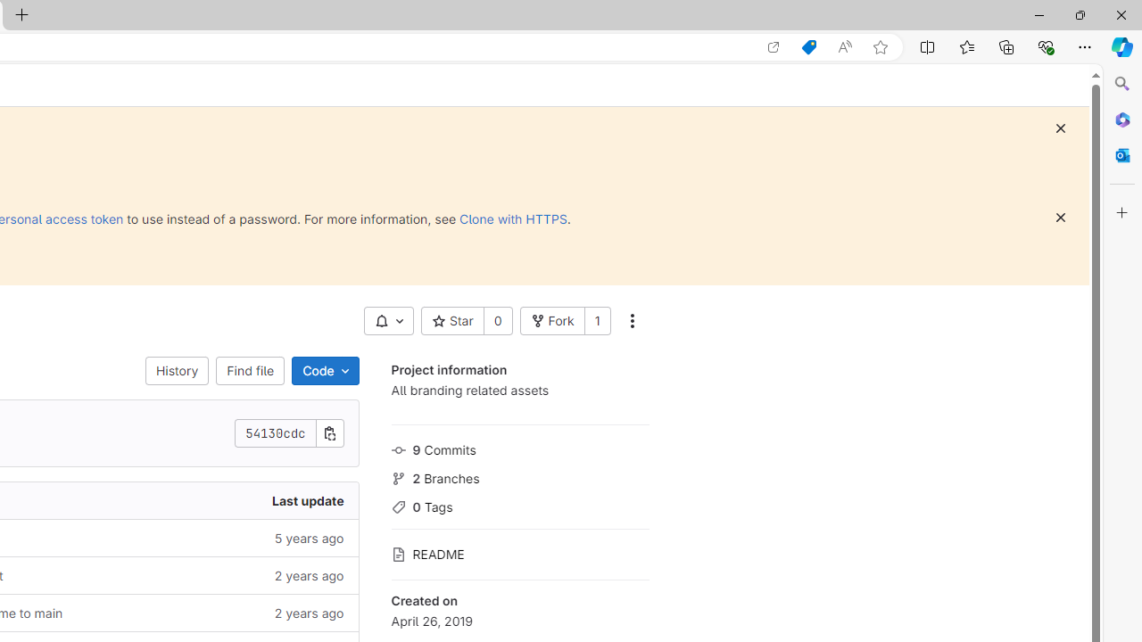 This screenshot has width=1142, height=642. Describe the element at coordinates (178, 370) in the screenshot. I see `'History'` at that location.